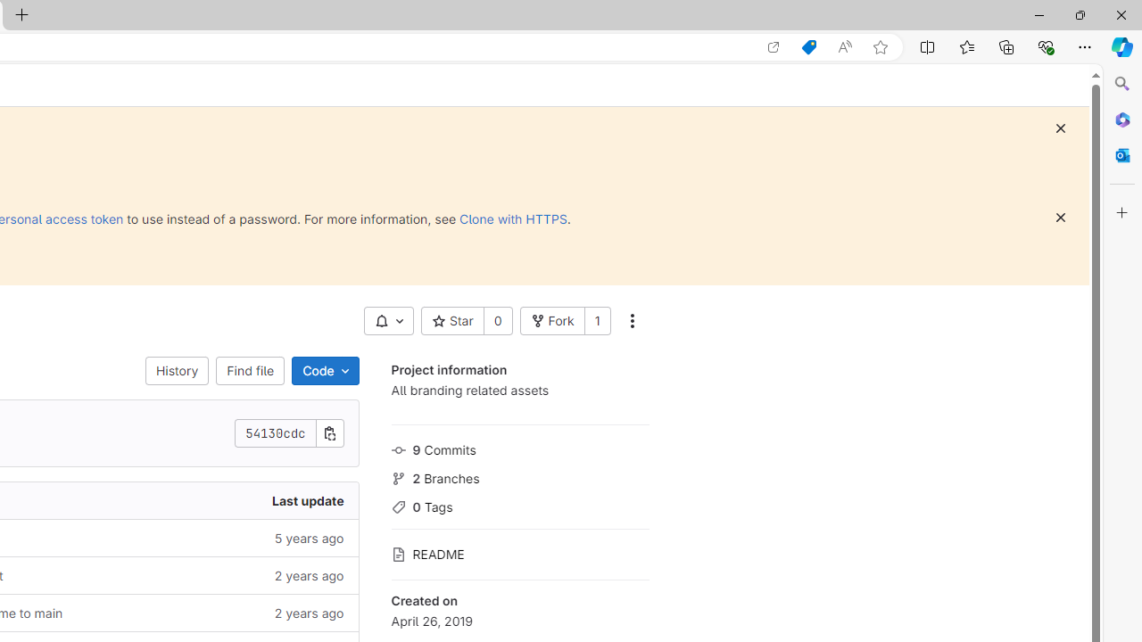 This screenshot has width=1142, height=642. Describe the element at coordinates (178, 370) in the screenshot. I see `'History'` at that location.